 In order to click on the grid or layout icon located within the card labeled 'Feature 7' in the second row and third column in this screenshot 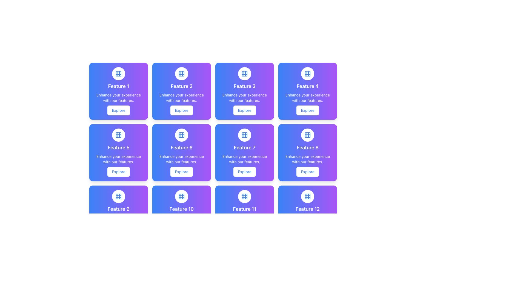, I will do `click(244, 135)`.